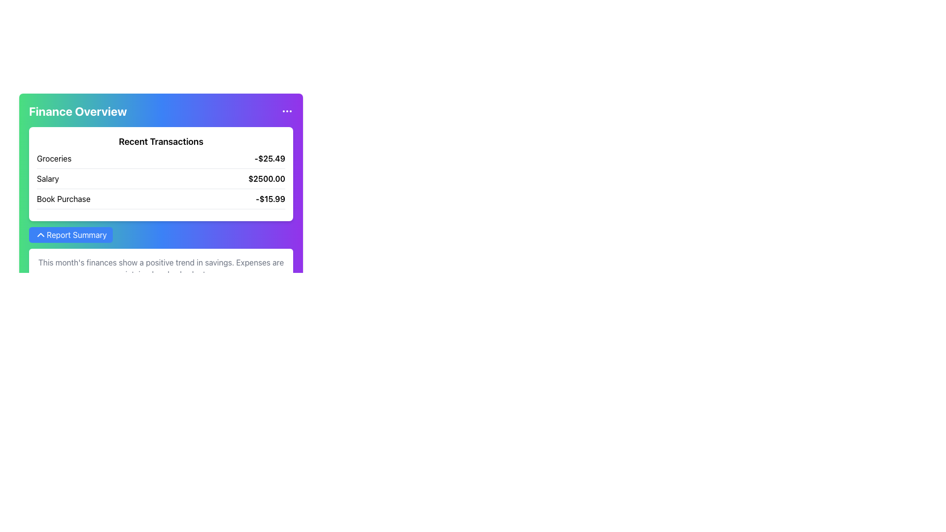 Image resolution: width=946 pixels, height=532 pixels. What do you see at coordinates (161, 268) in the screenshot?
I see `the rectangular text block displaying the message about finances, which is located at the bottom of the 'Finance Overview' section, below the 'Report Summary' button` at bounding box center [161, 268].